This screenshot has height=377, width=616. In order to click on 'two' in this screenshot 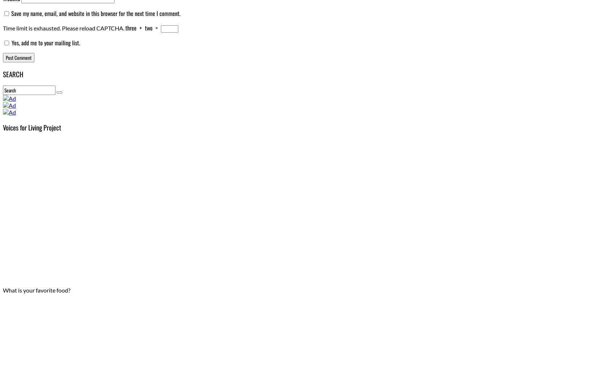, I will do `click(148, 27)`.